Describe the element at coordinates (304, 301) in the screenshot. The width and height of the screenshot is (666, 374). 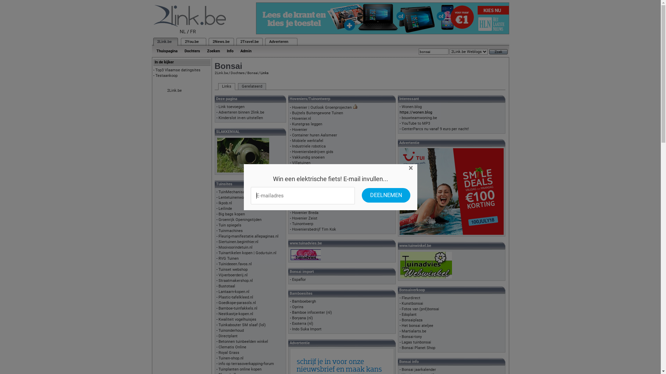
I see `'Bamboebergh'` at that location.